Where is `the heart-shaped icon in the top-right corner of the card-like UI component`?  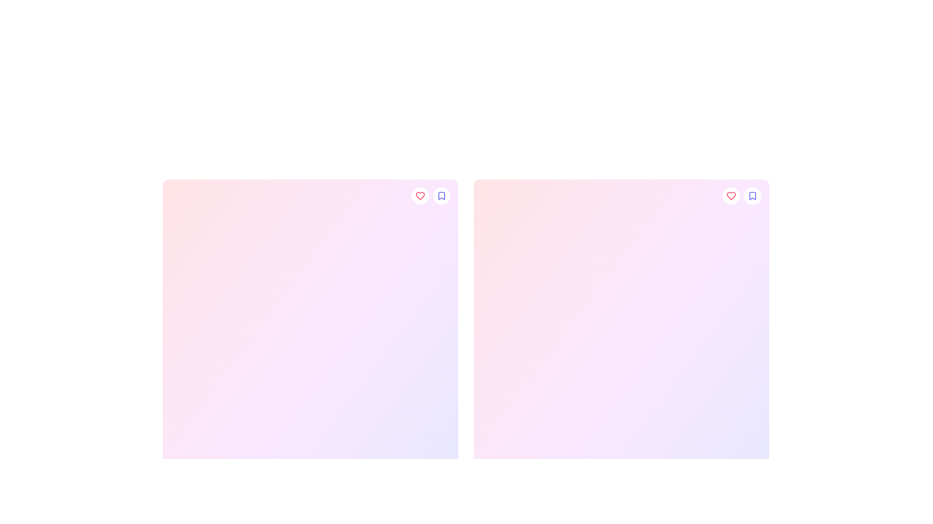
the heart-shaped icon in the top-right corner of the card-like UI component is located at coordinates (420, 196).